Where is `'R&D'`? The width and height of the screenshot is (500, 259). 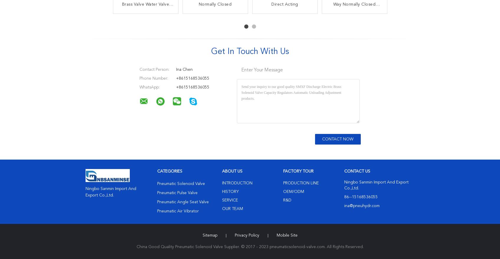
'R&D' is located at coordinates (287, 200).